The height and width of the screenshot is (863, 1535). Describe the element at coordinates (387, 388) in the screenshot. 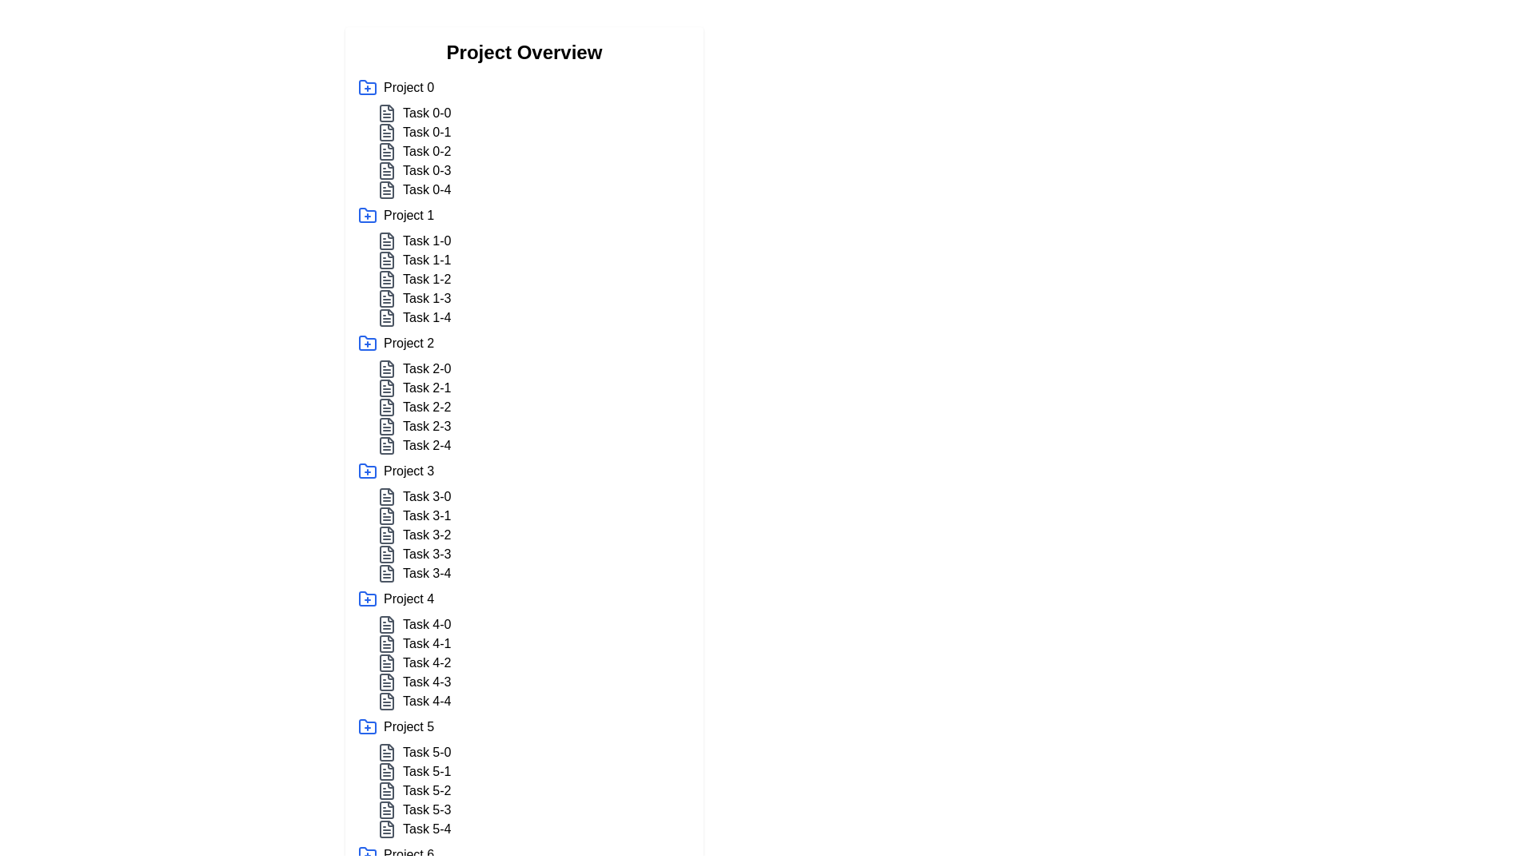

I see `the icon representing the entry labeled 'Task 2-1', which is located to the left of the text label for this task` at that location.